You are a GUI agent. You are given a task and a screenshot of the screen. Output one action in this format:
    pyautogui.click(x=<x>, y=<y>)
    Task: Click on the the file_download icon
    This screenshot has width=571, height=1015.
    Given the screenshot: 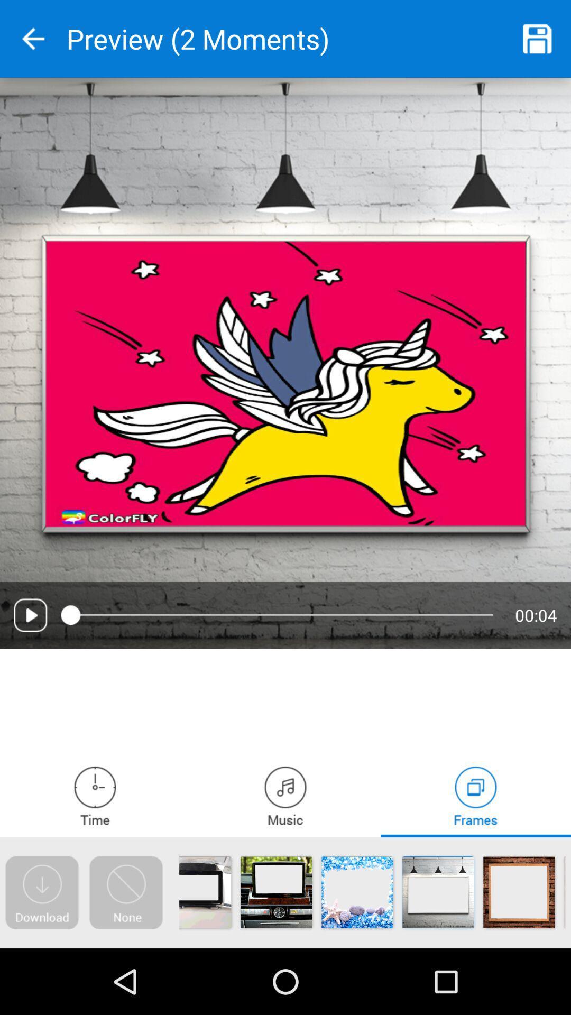 What is the action you would take?
    pyautogui.click(x=41, y=892)
    